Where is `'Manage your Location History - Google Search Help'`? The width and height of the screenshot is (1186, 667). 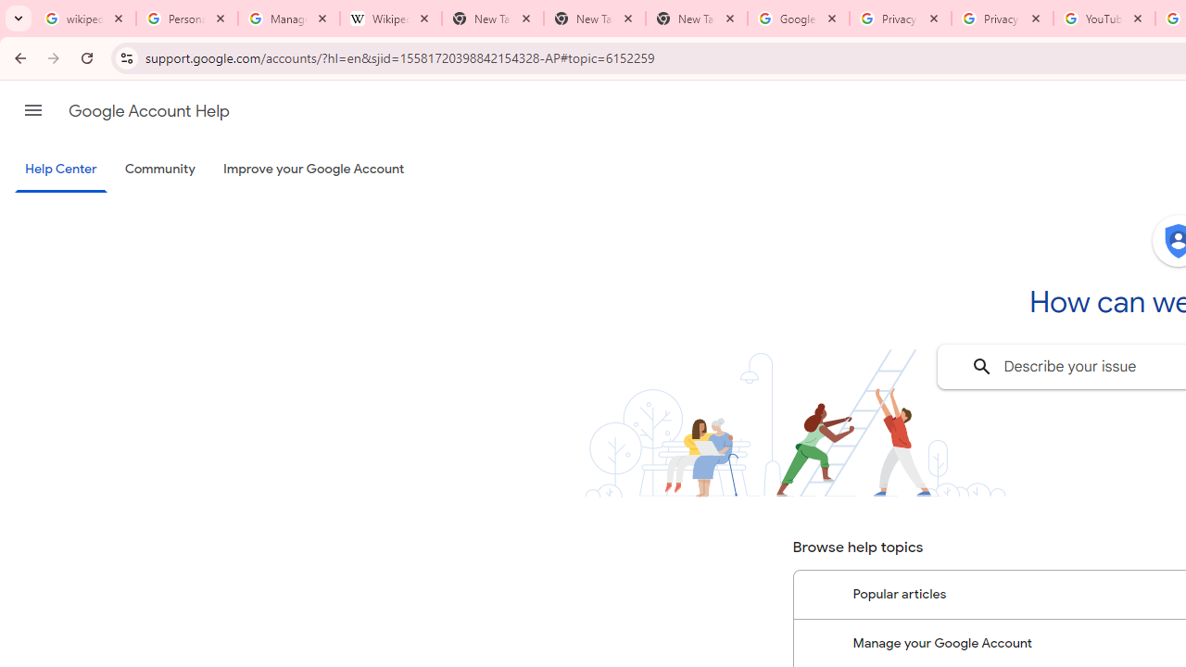
'Manage your Location History - Google Search Help' is located at coordinates (288, 19).